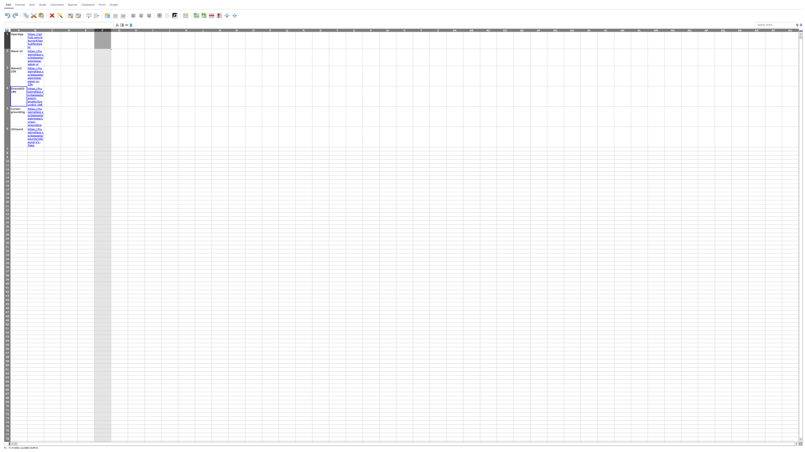 This screenshot has width=805, height=452. Describe the element at coordinates (119, 30) in the screenshot. I see `column G` at that location.